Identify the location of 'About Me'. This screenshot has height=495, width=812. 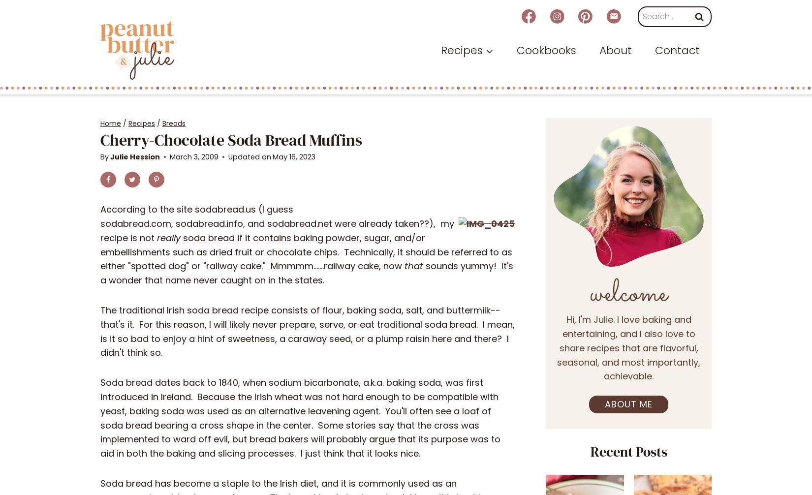
(628, 403).